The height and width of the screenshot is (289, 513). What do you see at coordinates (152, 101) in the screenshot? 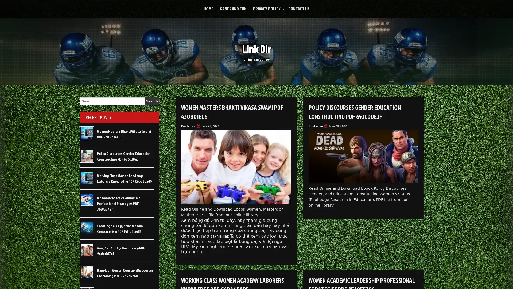
I see `Search` at bounding box center [152, 101].